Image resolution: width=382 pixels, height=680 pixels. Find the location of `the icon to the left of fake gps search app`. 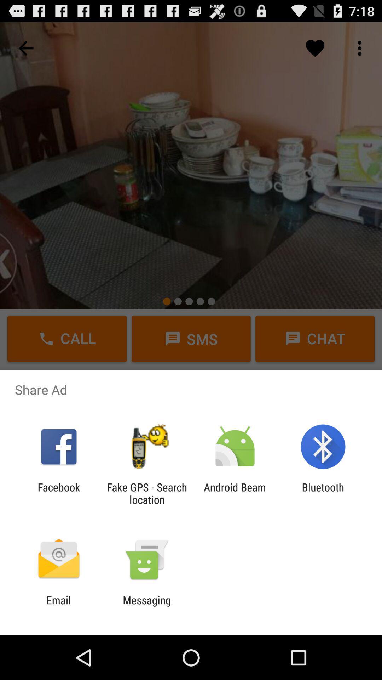

the icon to the left of fake gps search app is located at coordinates (58, 493).